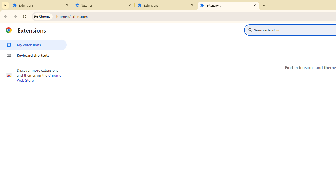  I want to click on 'Extensions', so click(41, 5).